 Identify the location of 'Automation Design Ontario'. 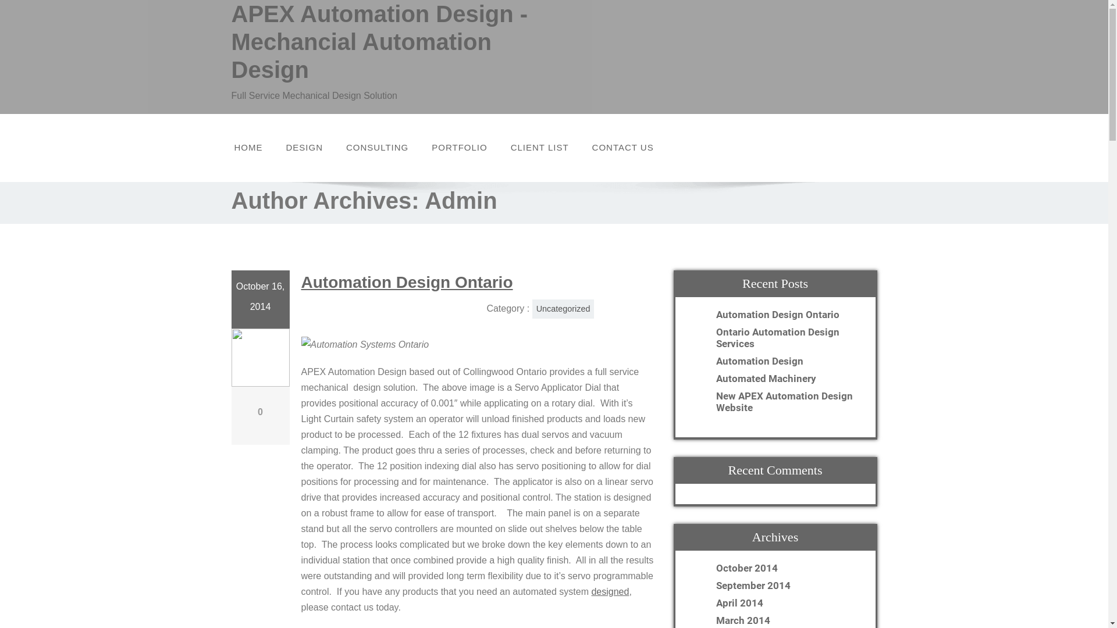
(407, 282).